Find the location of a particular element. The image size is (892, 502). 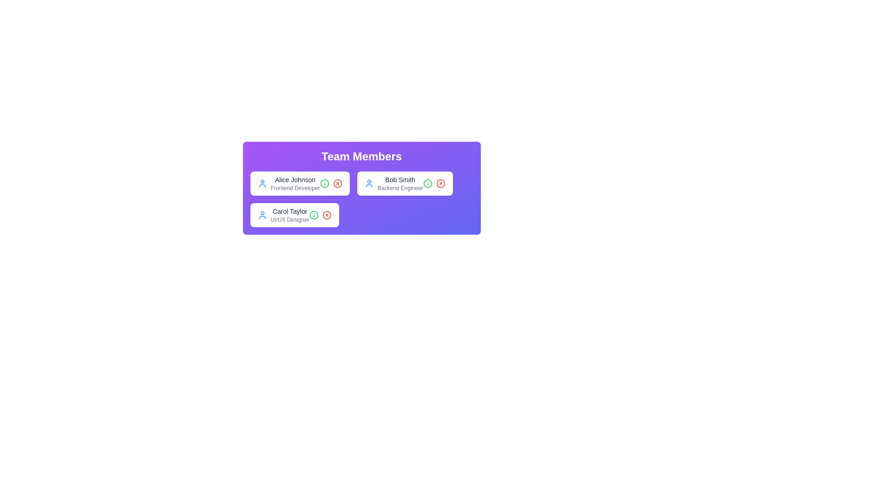

the info icon for Alice Johnson to view their information is located at coordinates (324, 183).